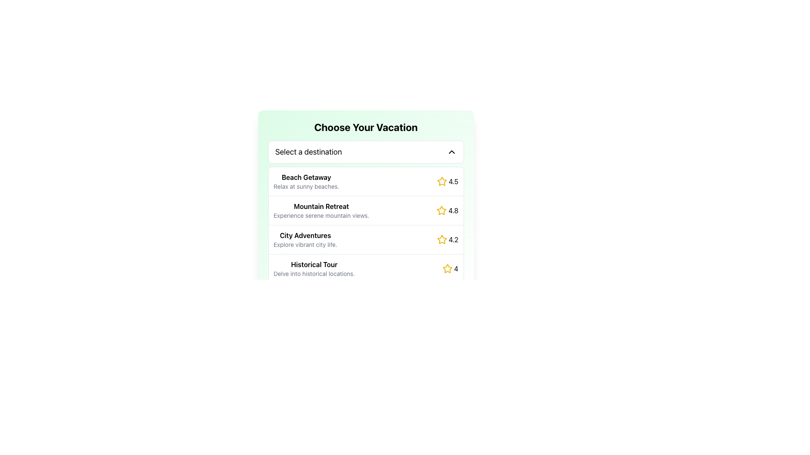 Image resolution: width=810 pixels, height=455 pixels. I want to click on the 'City Adventures' text display element, which includes the title in bold black font and a subtitle in smaller gray font, to focus on it, so click(305, 240).